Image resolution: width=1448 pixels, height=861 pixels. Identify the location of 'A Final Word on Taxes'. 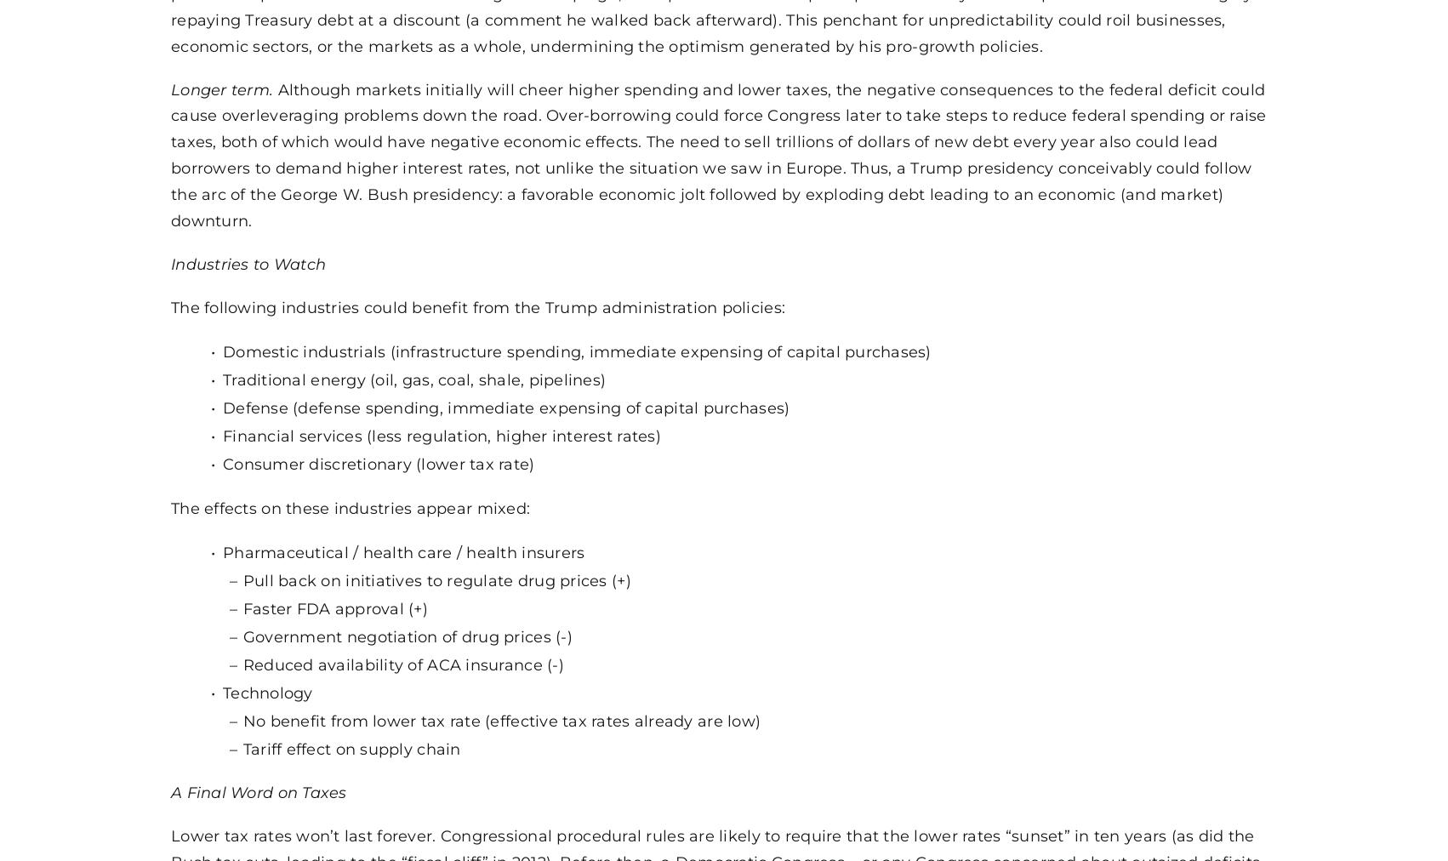
(258, 792).